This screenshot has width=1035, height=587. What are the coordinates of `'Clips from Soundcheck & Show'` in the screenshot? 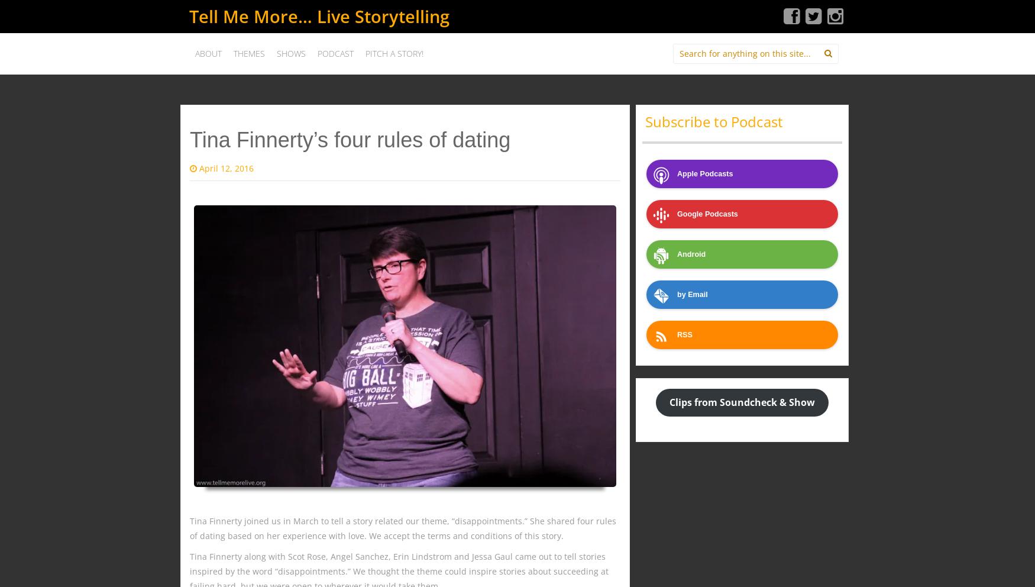 It's located at (741, 402).